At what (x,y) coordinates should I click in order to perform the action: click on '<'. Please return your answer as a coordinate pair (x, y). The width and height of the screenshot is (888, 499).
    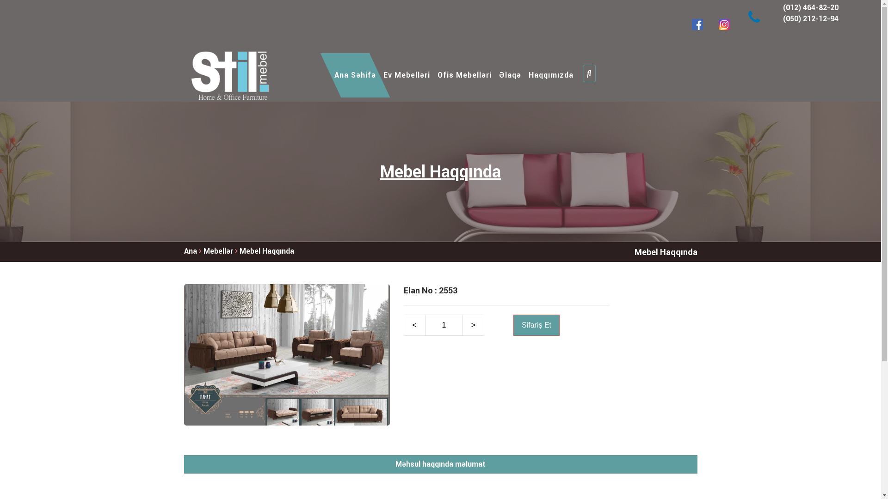
    Looking at the image, I should click on (413, 325).